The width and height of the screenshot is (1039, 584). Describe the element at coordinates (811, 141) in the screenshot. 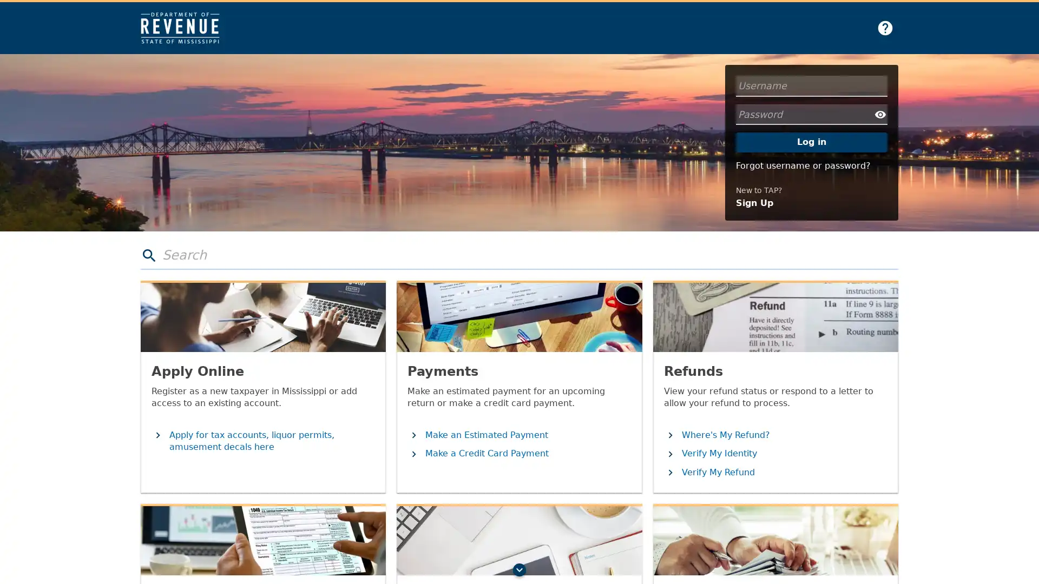

I see `Log in` at that location.